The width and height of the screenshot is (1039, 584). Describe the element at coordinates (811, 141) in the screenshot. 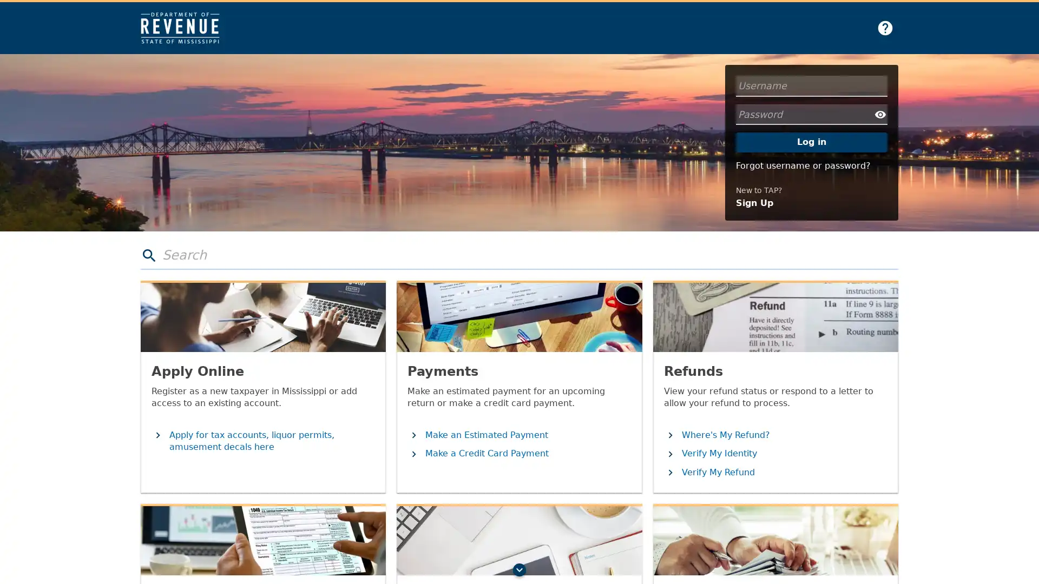

I see `Log in` at that location.